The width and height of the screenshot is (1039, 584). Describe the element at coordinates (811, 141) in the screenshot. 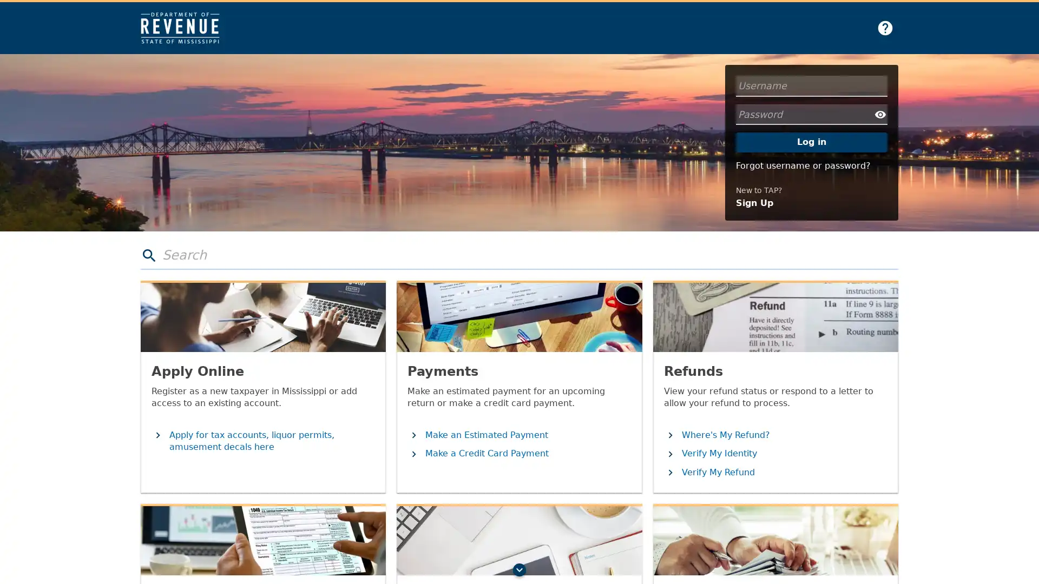

I see `Log in` at that location.